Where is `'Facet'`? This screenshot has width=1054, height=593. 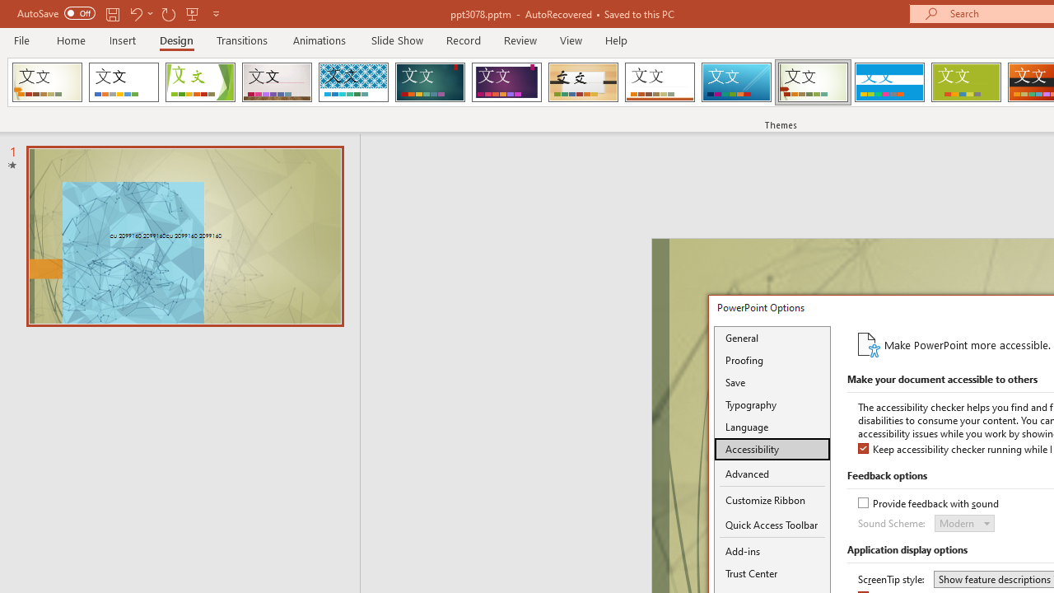
'Facet' is located at coordinates (199, 82).